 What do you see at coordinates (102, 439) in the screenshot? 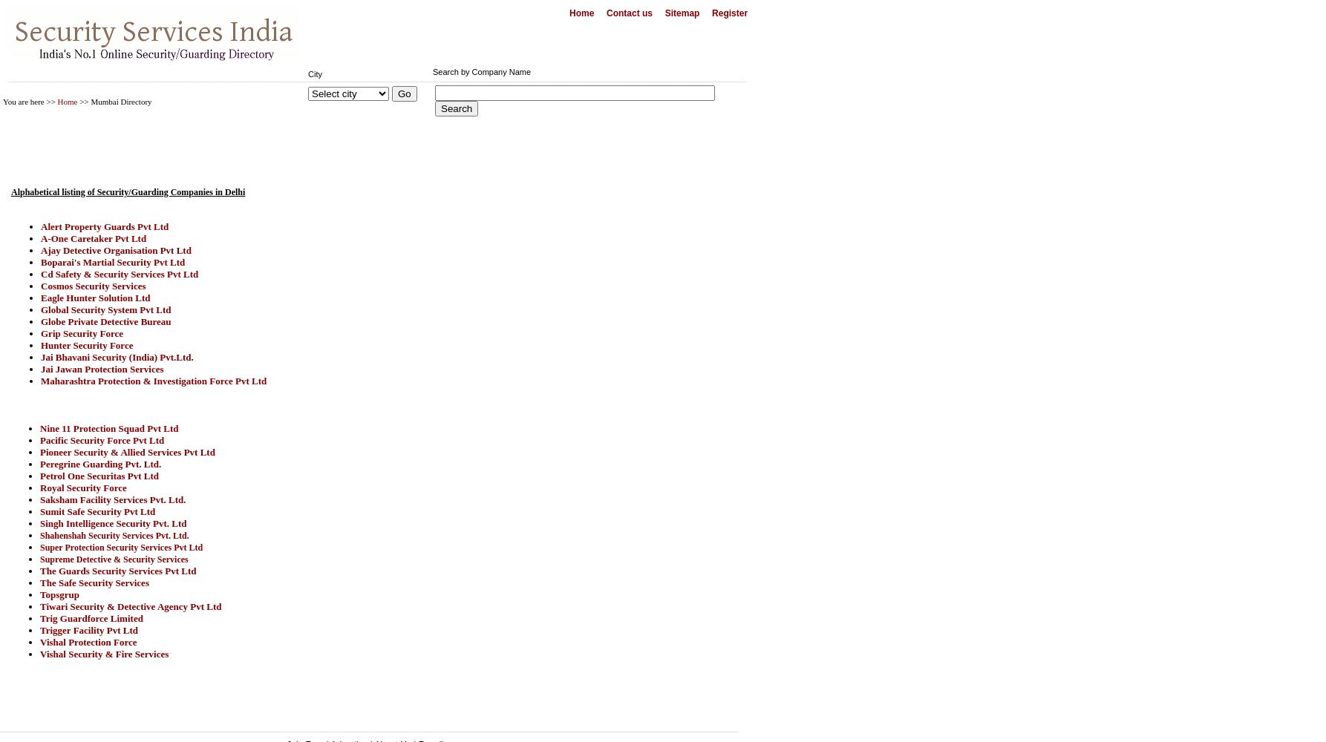
I see `'Pacific Security Force Pvt Ltd'` at bounding box center [102, 439].